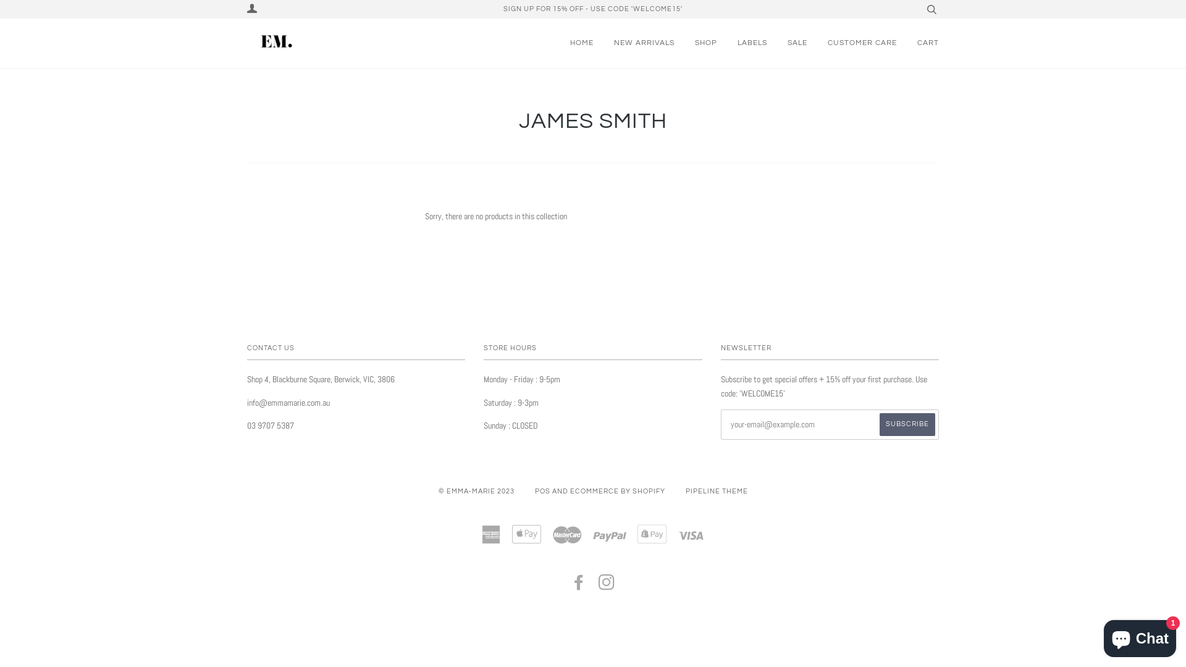 Image resolution: width=1186 pixels, height=667 pixels. What do you see at coordinates (928, 42) in the screenshot?
I see `'CART'` at bounding box center [928, 42].